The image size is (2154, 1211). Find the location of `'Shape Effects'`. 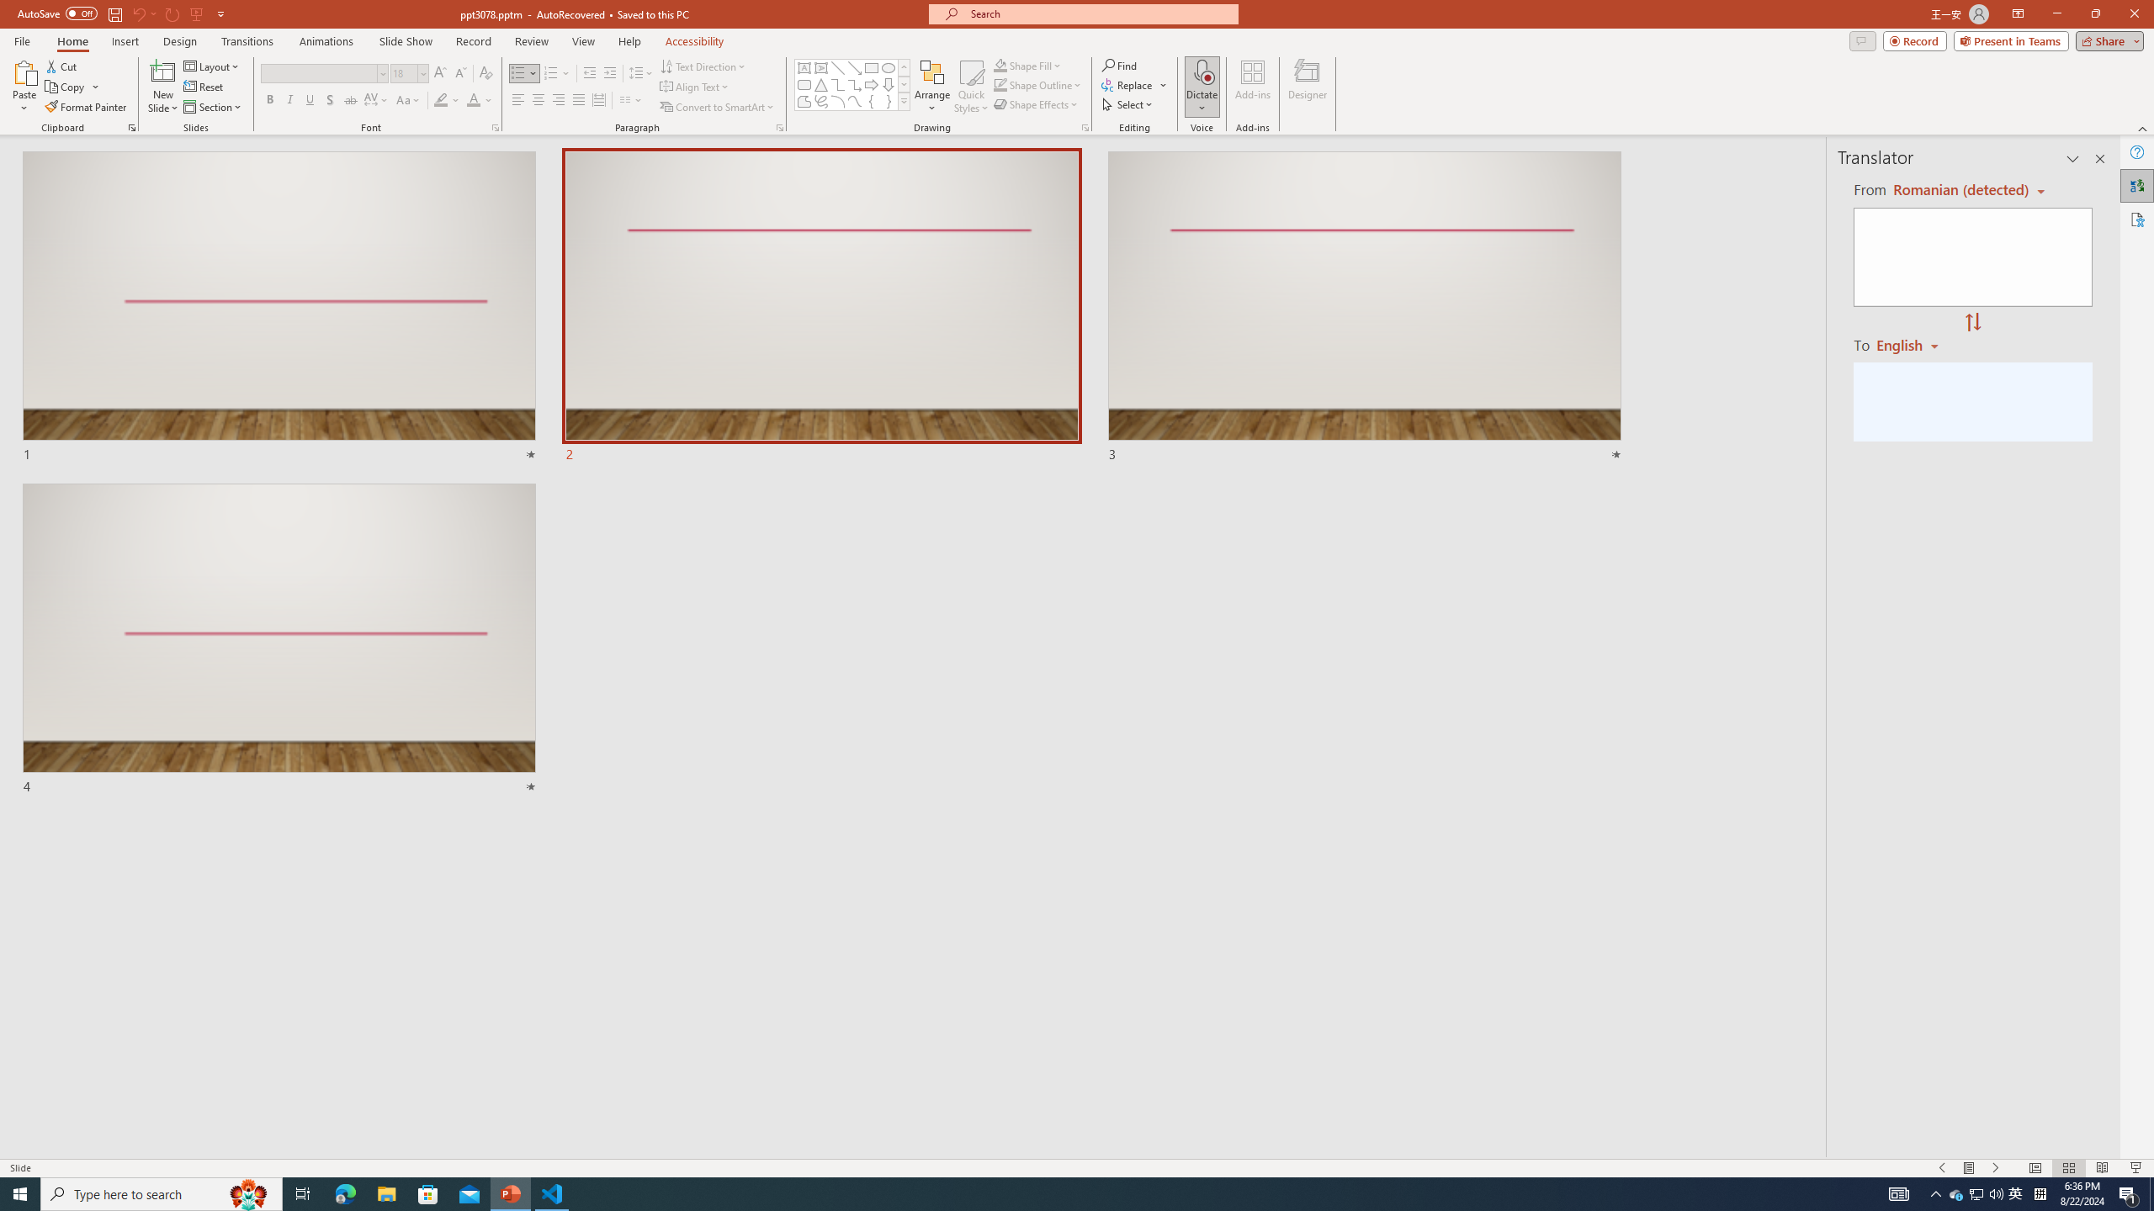

'Shape Effects' is located at coordinates (1036, 103).